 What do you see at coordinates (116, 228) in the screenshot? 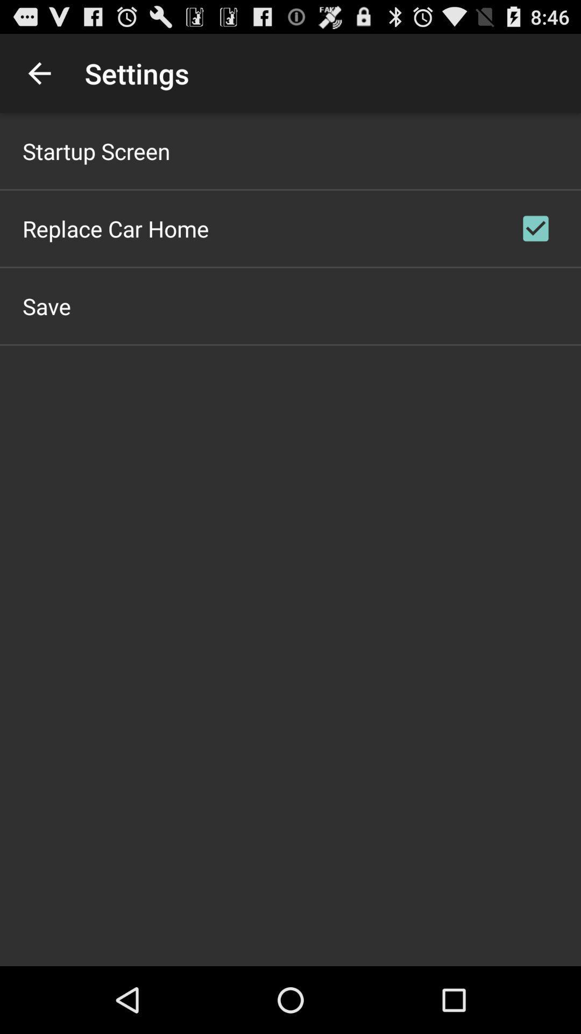
I see `the icon below startup screen app` at bounding box center [116, 228].